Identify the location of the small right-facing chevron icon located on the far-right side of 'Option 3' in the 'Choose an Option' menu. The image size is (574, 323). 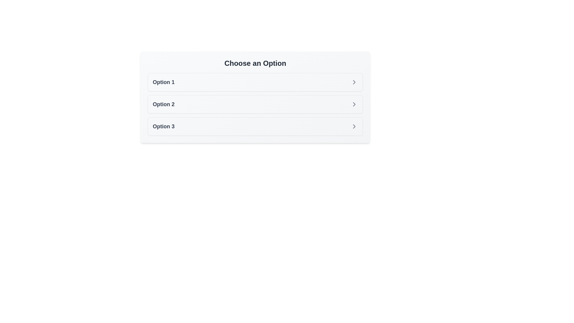
(354, 126).